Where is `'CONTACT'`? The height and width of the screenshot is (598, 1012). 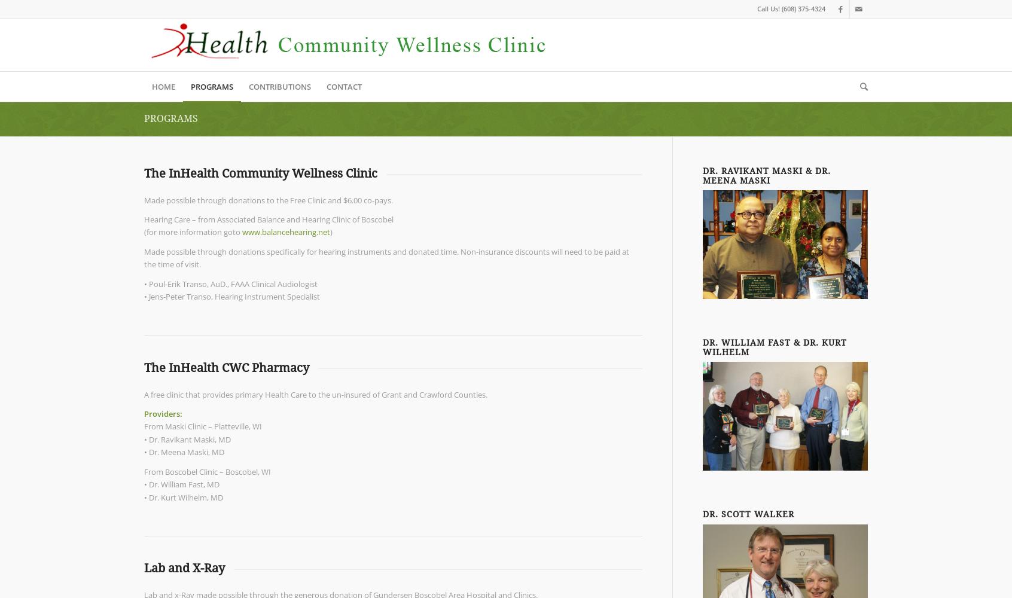
'CONTACT' is located at coordinates (343, 87).